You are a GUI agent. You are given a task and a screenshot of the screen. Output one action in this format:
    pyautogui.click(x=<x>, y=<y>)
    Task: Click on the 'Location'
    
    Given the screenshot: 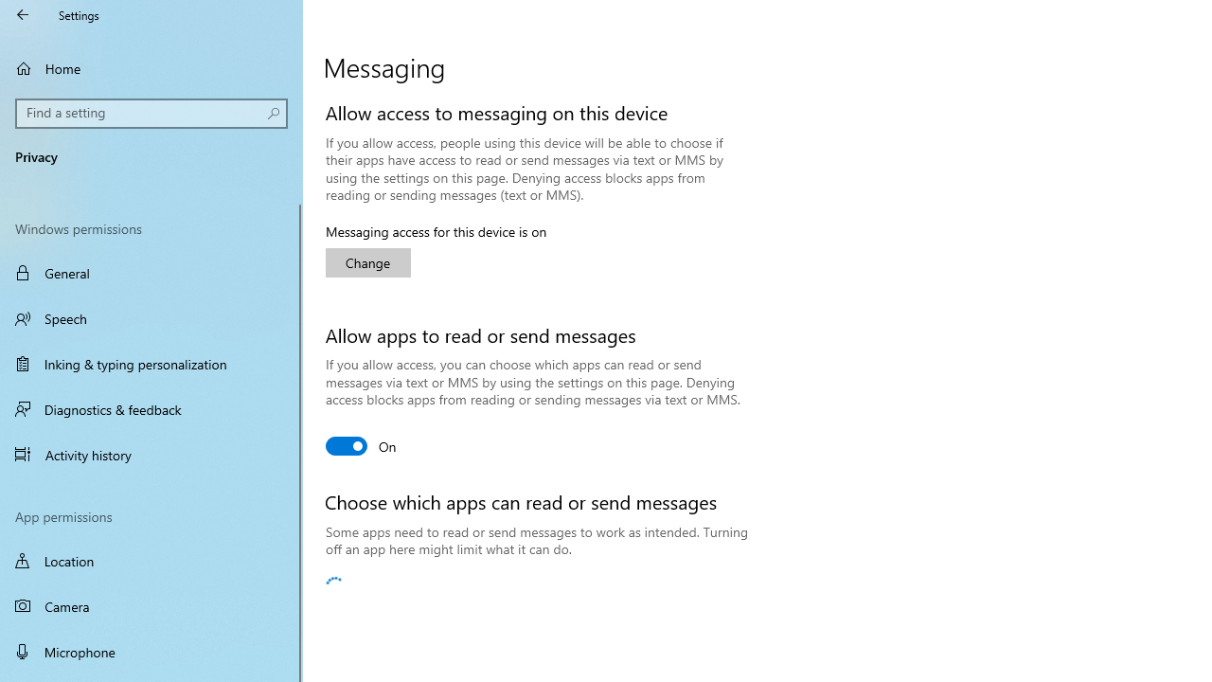 What is the action you would take?
    pyautogui.click(x=151, y=560)
    